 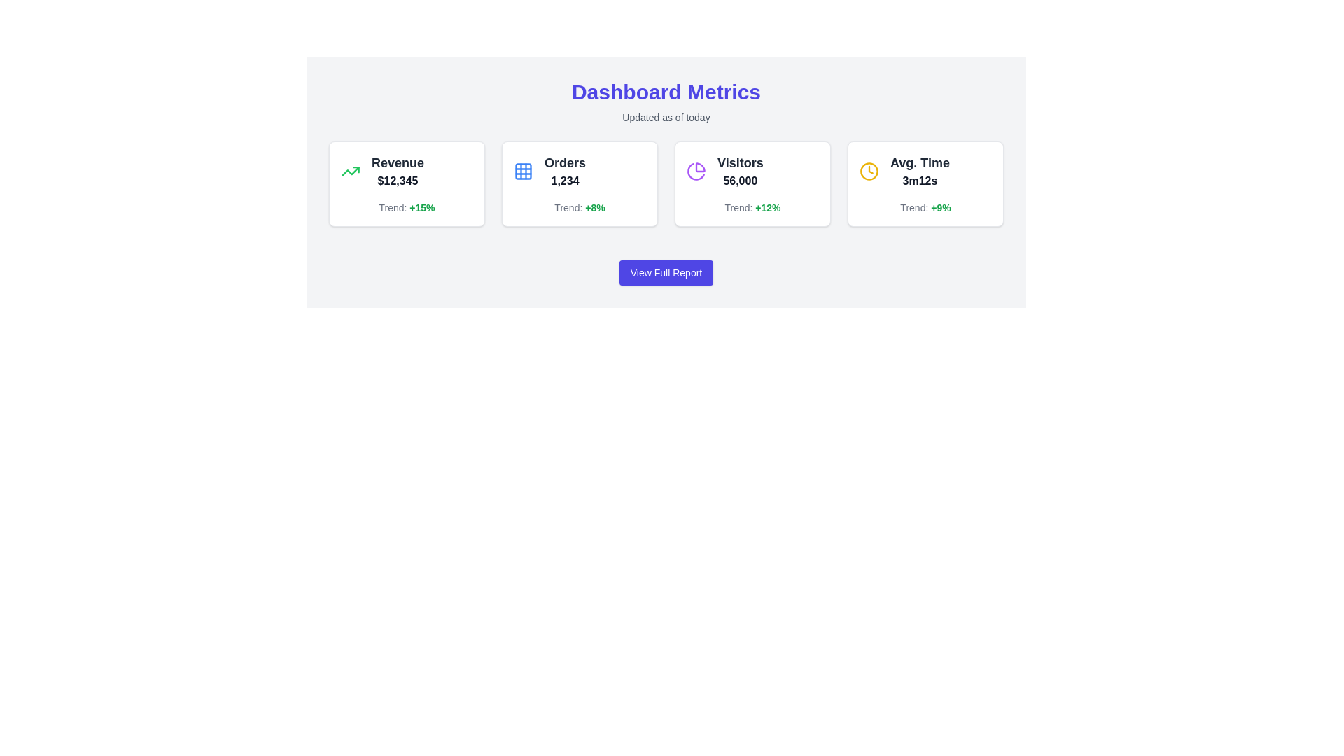 What do you see at coordinates (397, 171) in the screenshot?
I see `the revenue metric text element displayed on the upper portion of the leftmost card in the dashboard` at bounding box center [397, 171].